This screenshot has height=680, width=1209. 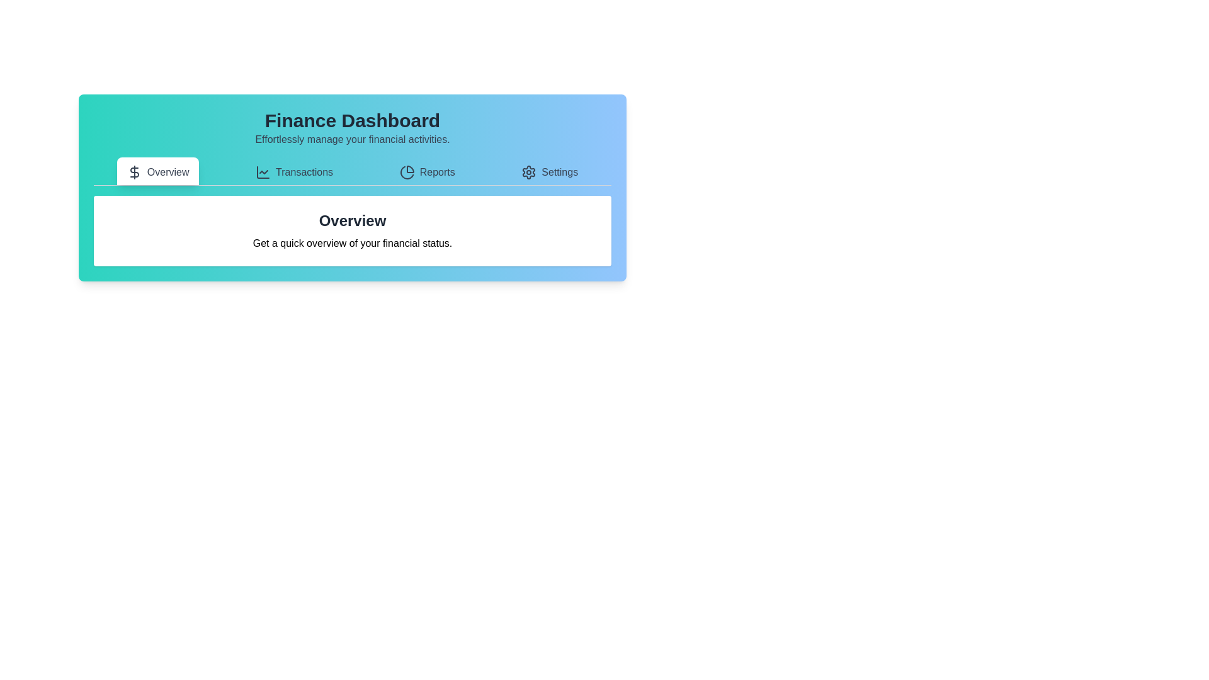 I want to click on the Settings tab, so click(x=550, y=171).